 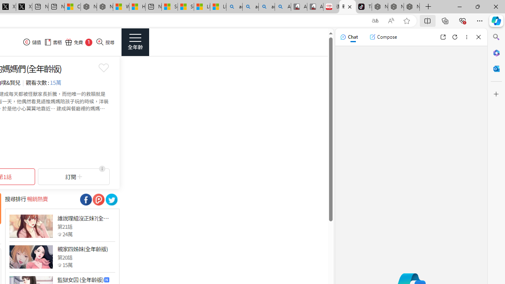 I want to click on 'Class: side_menu_btn actionRightMenuBtn', so click(x=135, y=42).